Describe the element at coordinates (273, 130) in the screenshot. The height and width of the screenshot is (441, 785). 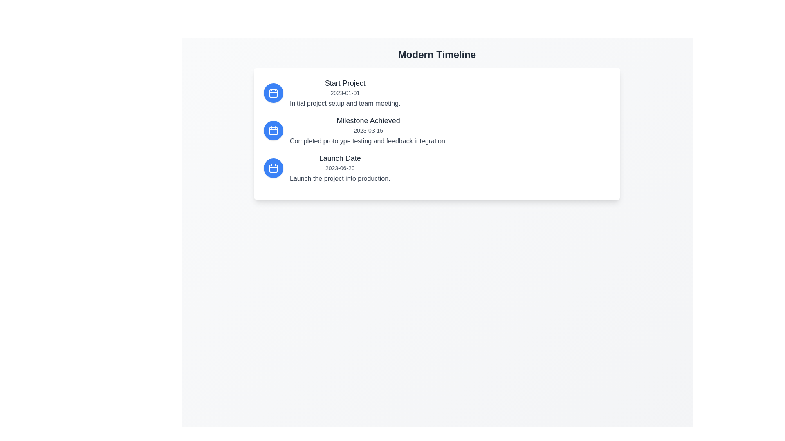
I see `or identify the calendar icon associated with the 'Milestone Achieved' entry in the timeline list, which is the middle calendar icon on the left side of the text information` at that location.